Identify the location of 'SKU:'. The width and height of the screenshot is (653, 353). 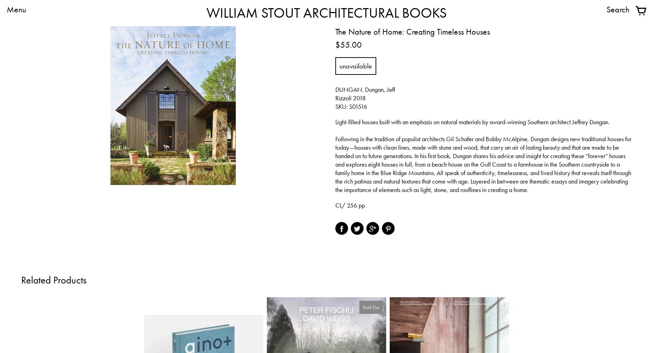
(342, 106).